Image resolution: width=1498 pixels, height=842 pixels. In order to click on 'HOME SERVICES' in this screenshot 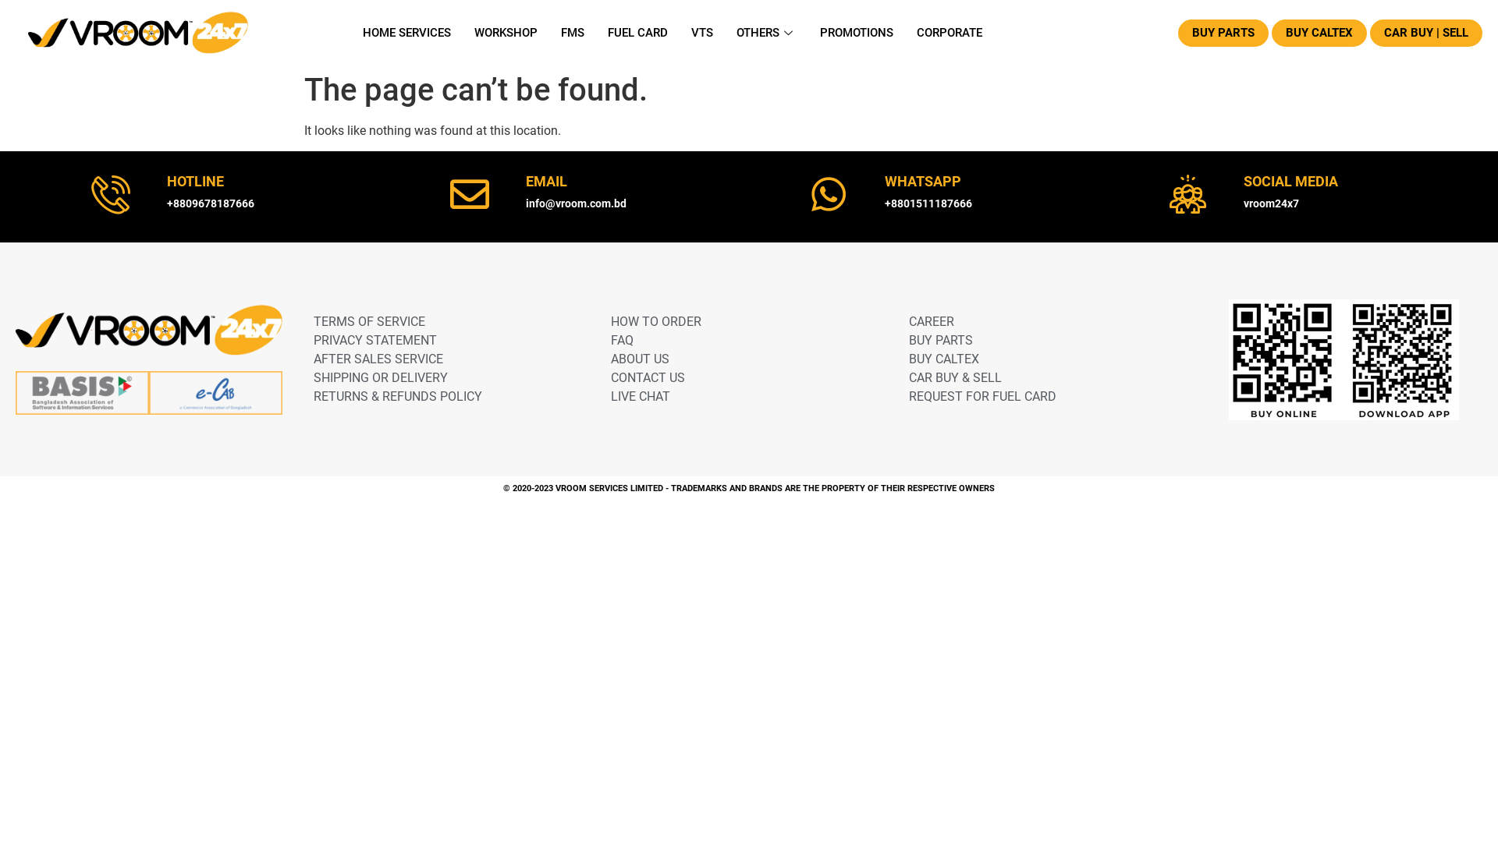, I will do `click(406, 33)`.